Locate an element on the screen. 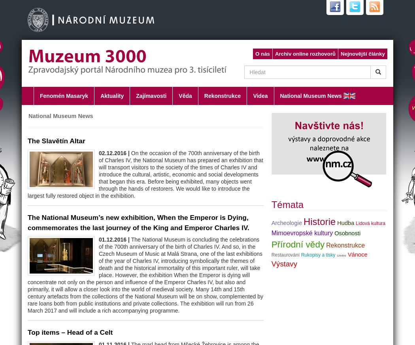  'Umění' is located at coordinates (341, 255).